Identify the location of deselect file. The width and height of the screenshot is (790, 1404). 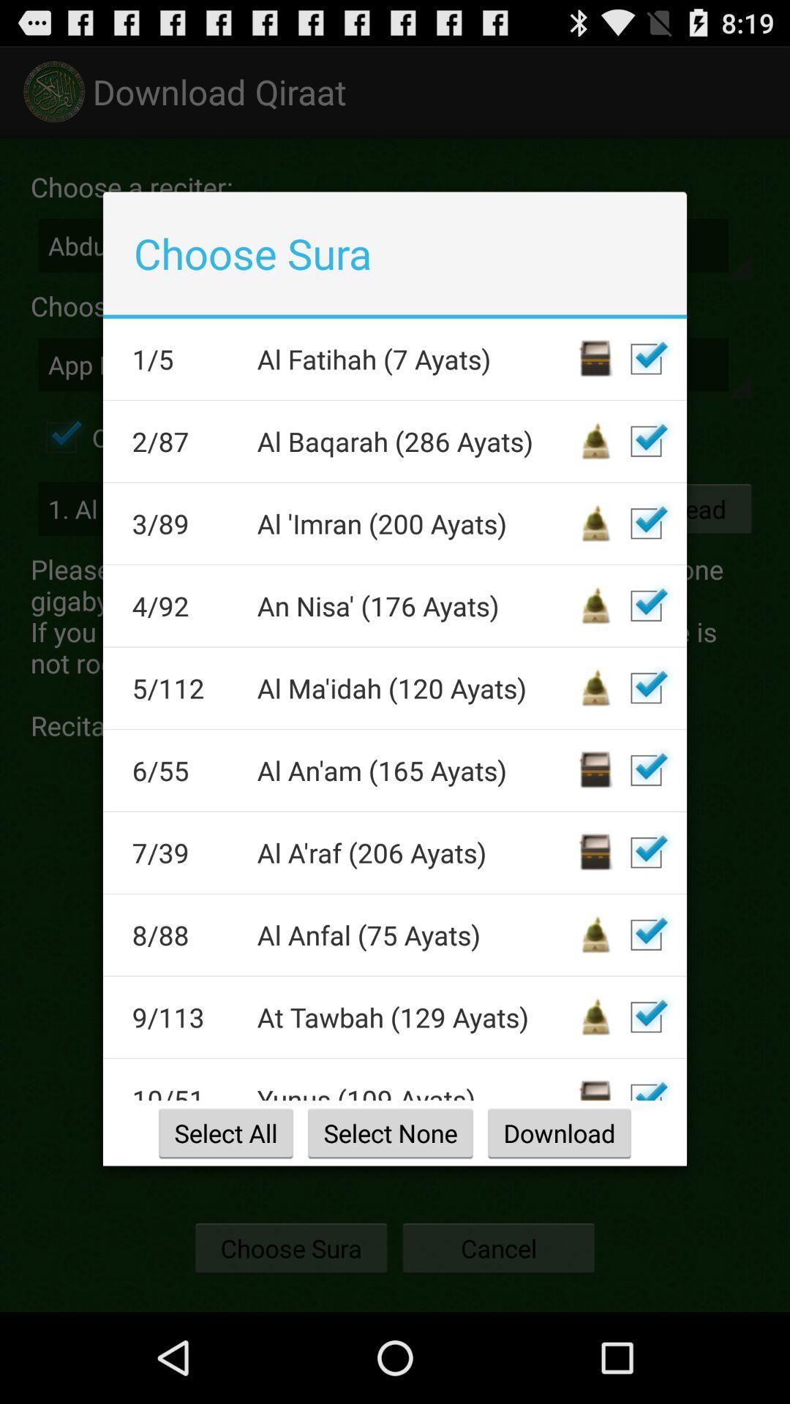
(645, 359).